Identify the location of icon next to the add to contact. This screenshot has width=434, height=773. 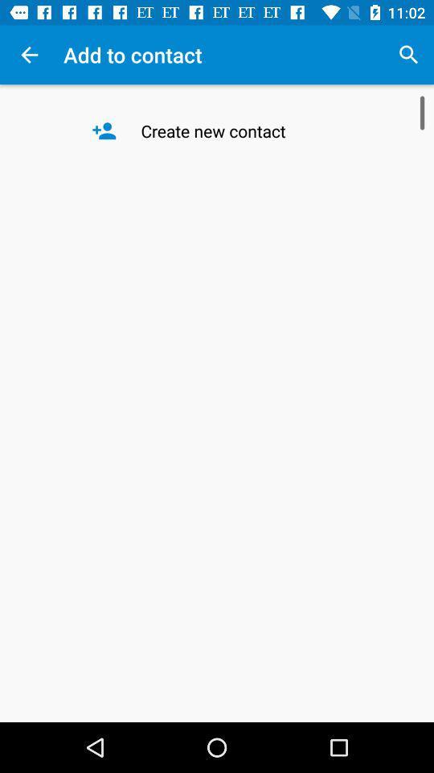
(408, 55).